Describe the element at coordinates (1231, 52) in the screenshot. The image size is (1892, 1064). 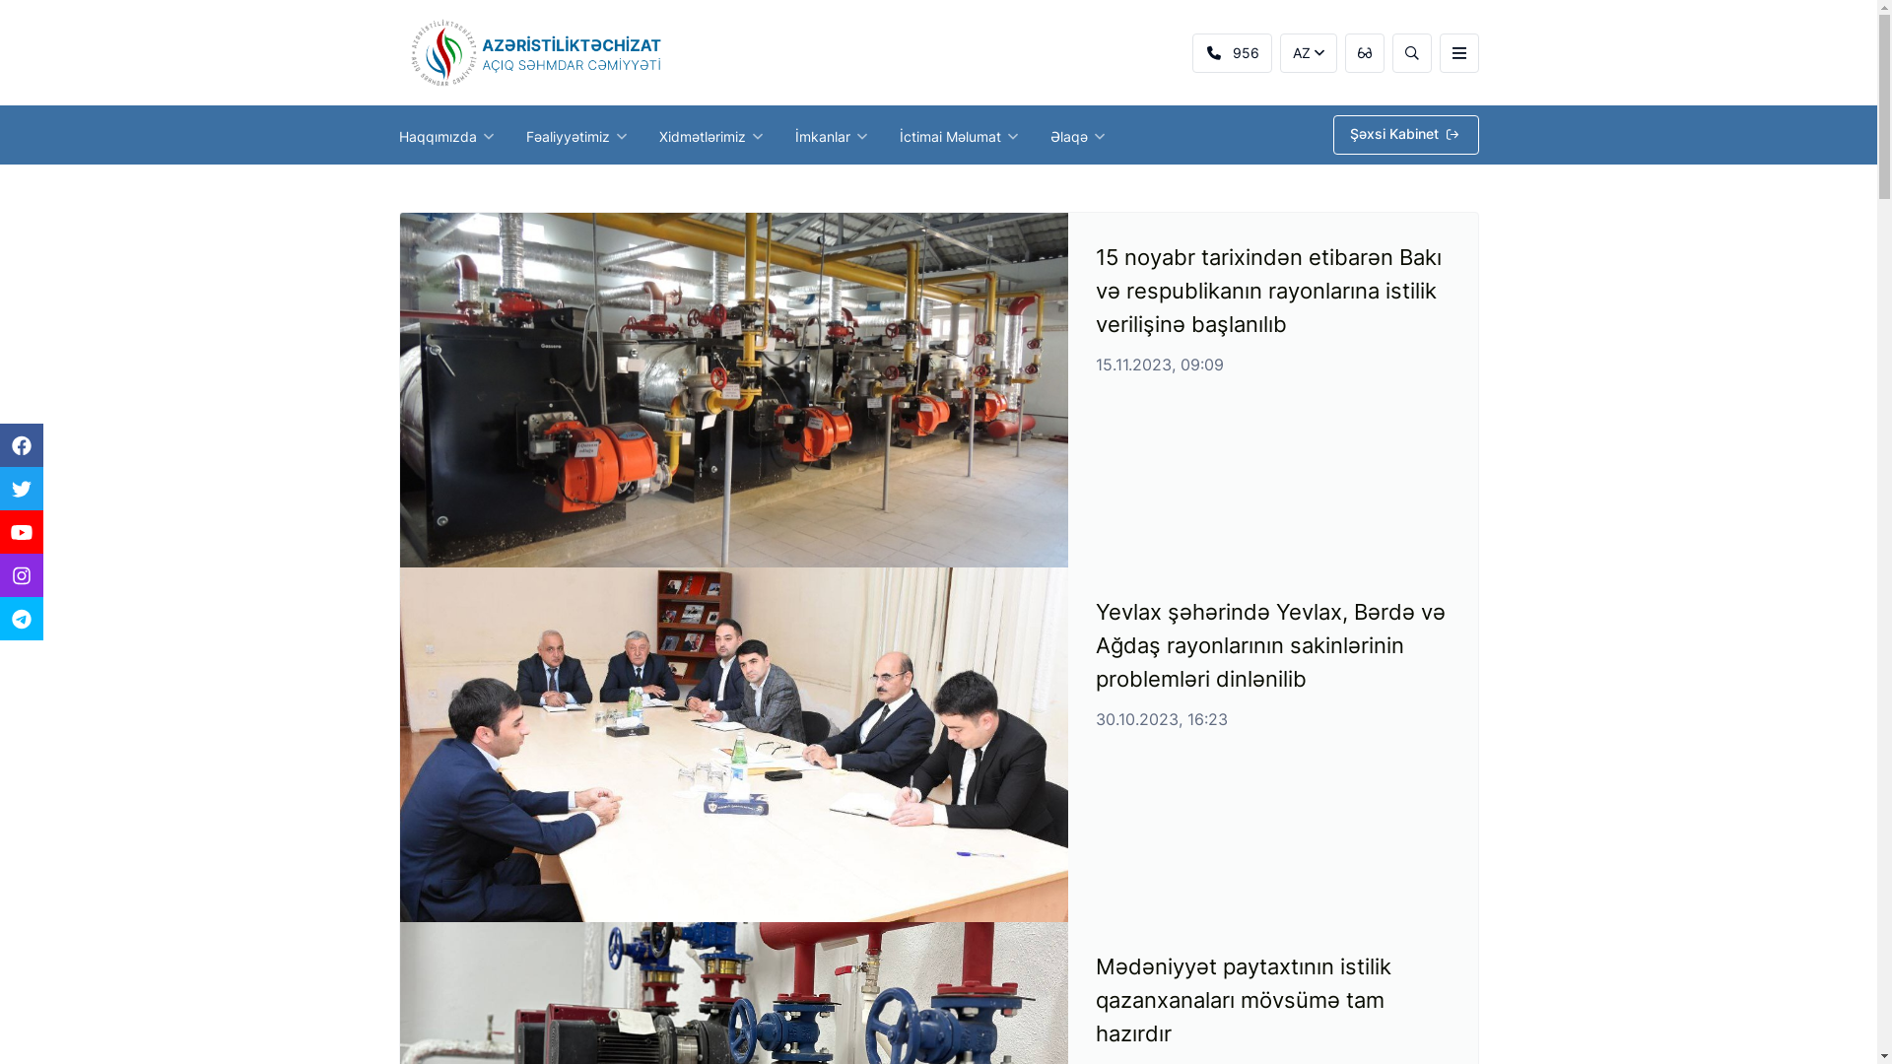
I see `'956'` at that location.